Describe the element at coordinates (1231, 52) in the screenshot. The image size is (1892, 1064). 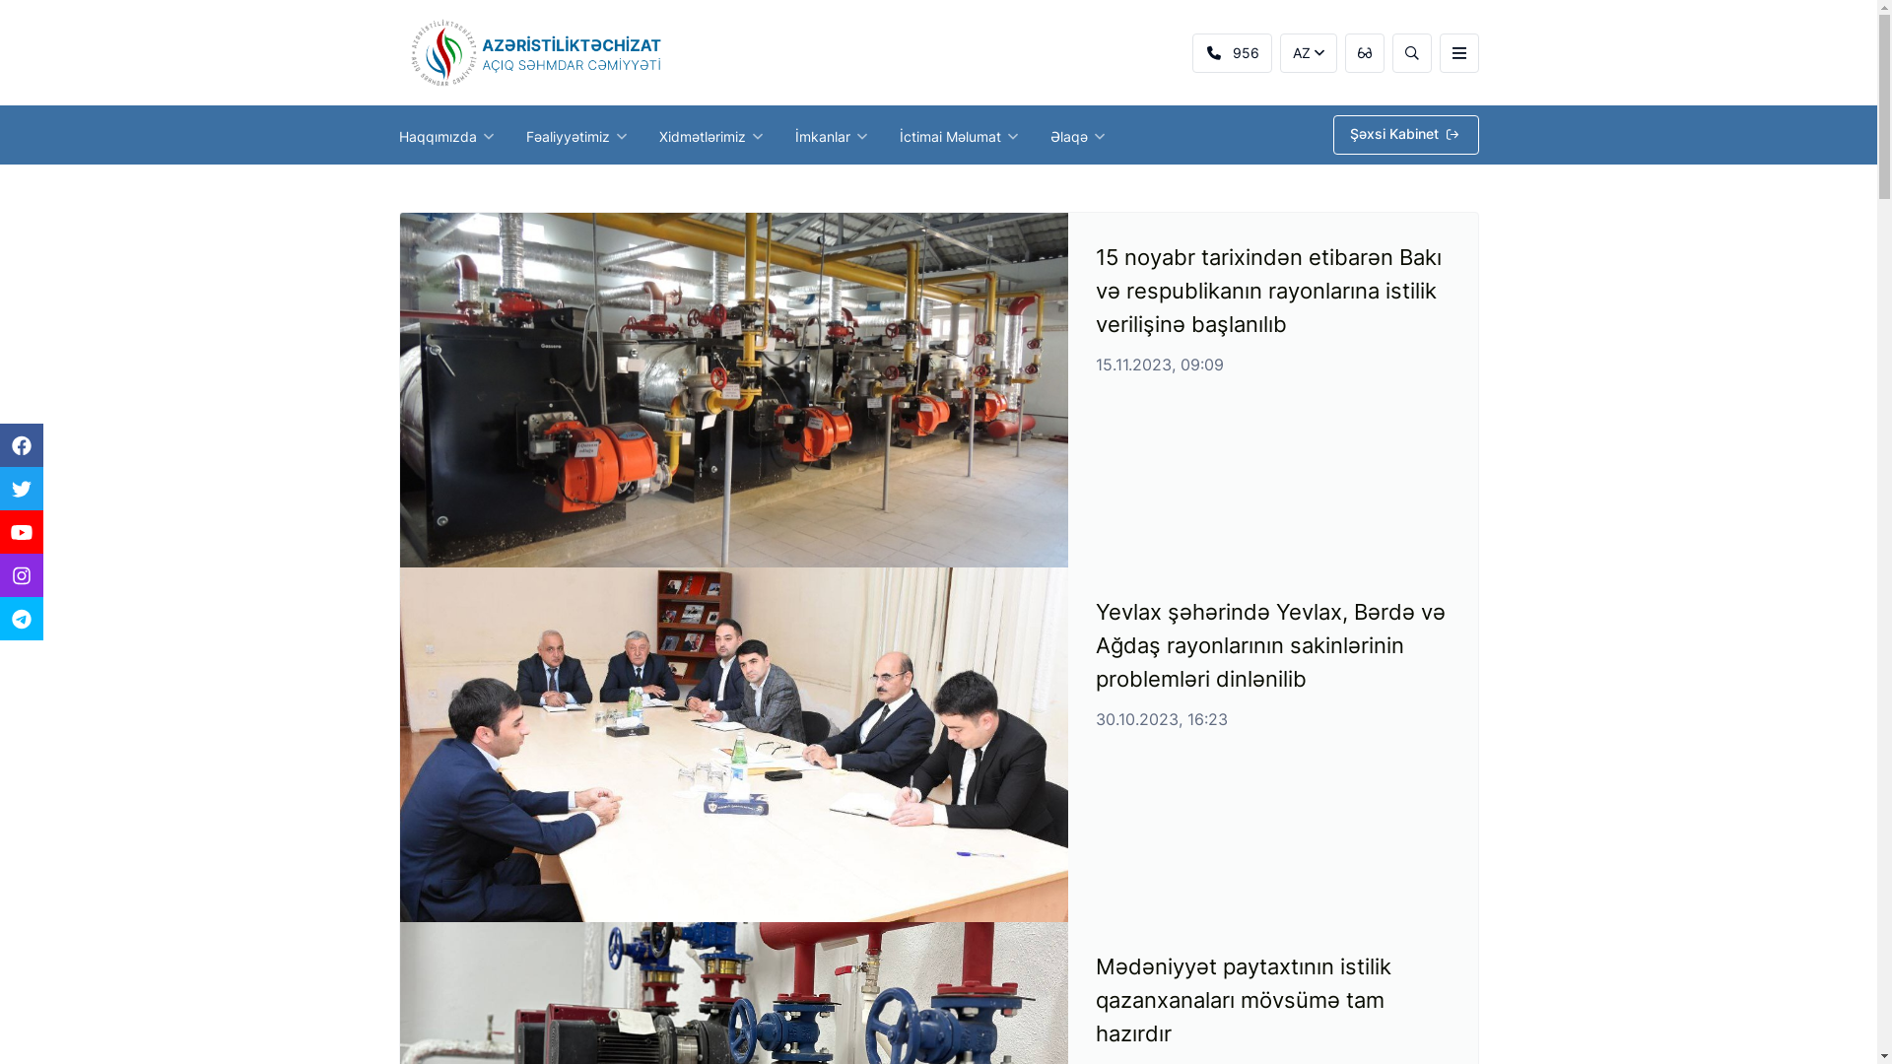
I see `'956'` at that location.